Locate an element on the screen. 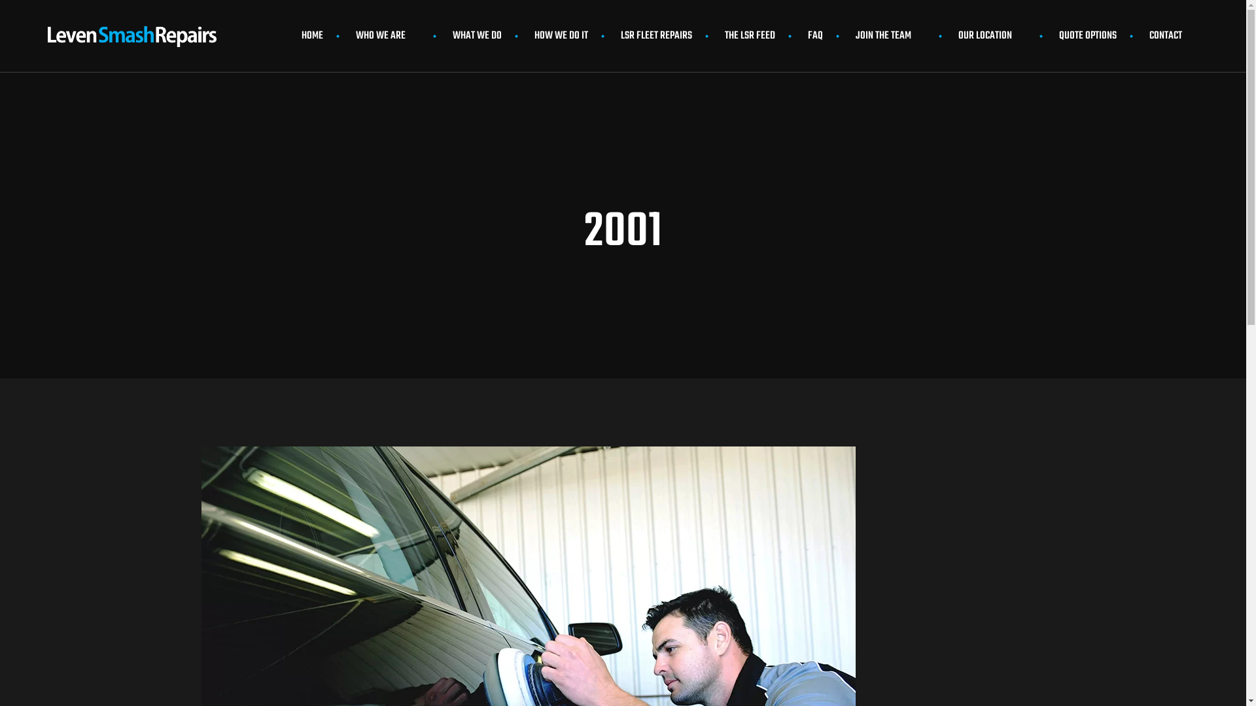 The image size is (1256, 706). 'HOW WE DO IT' is located at coordinates (561, 35).